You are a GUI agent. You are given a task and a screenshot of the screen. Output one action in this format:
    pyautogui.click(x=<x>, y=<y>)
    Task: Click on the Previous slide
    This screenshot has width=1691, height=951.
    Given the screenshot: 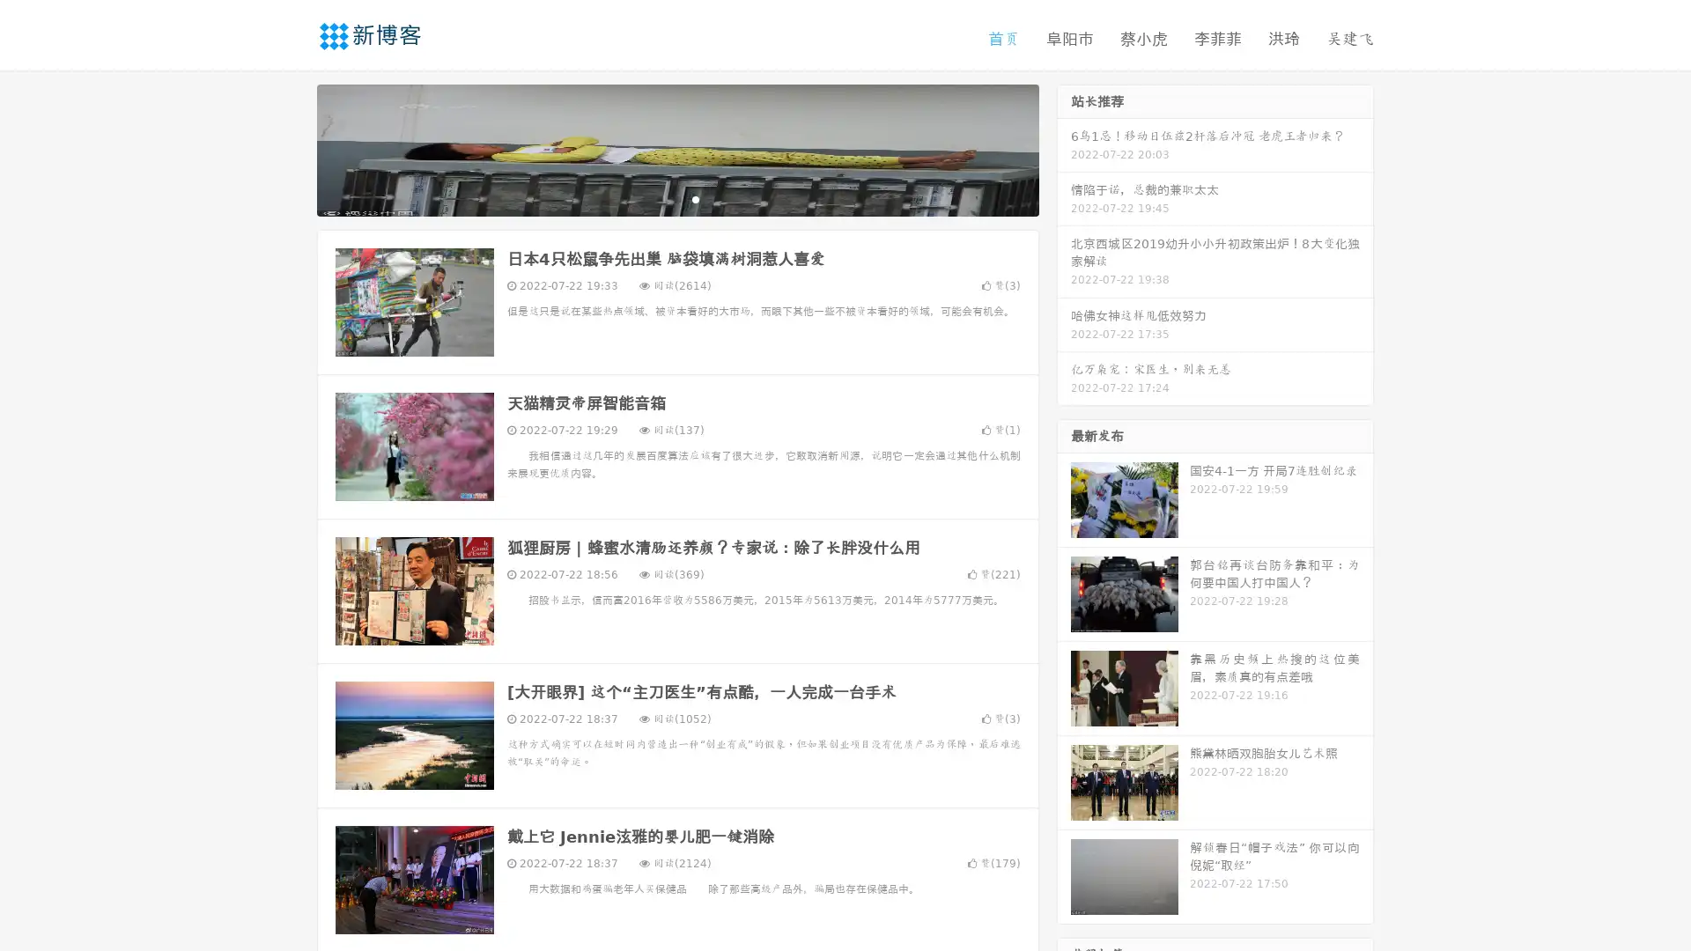 What is the action you would take?
    pyautogui.click(x=291, y=148)
    